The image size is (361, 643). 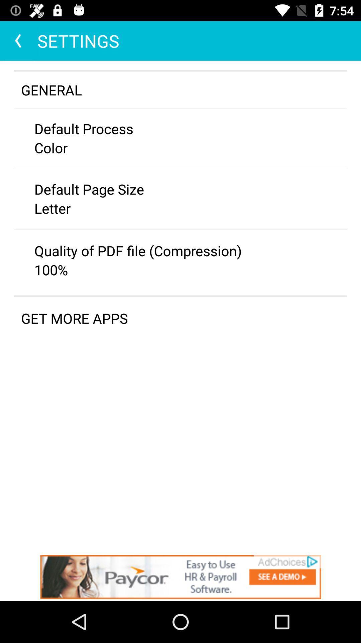 What do you see at coordinates (18, 41) in the screenshot?
I see `the arrow_backward icon` at bounding box center [18, 41].